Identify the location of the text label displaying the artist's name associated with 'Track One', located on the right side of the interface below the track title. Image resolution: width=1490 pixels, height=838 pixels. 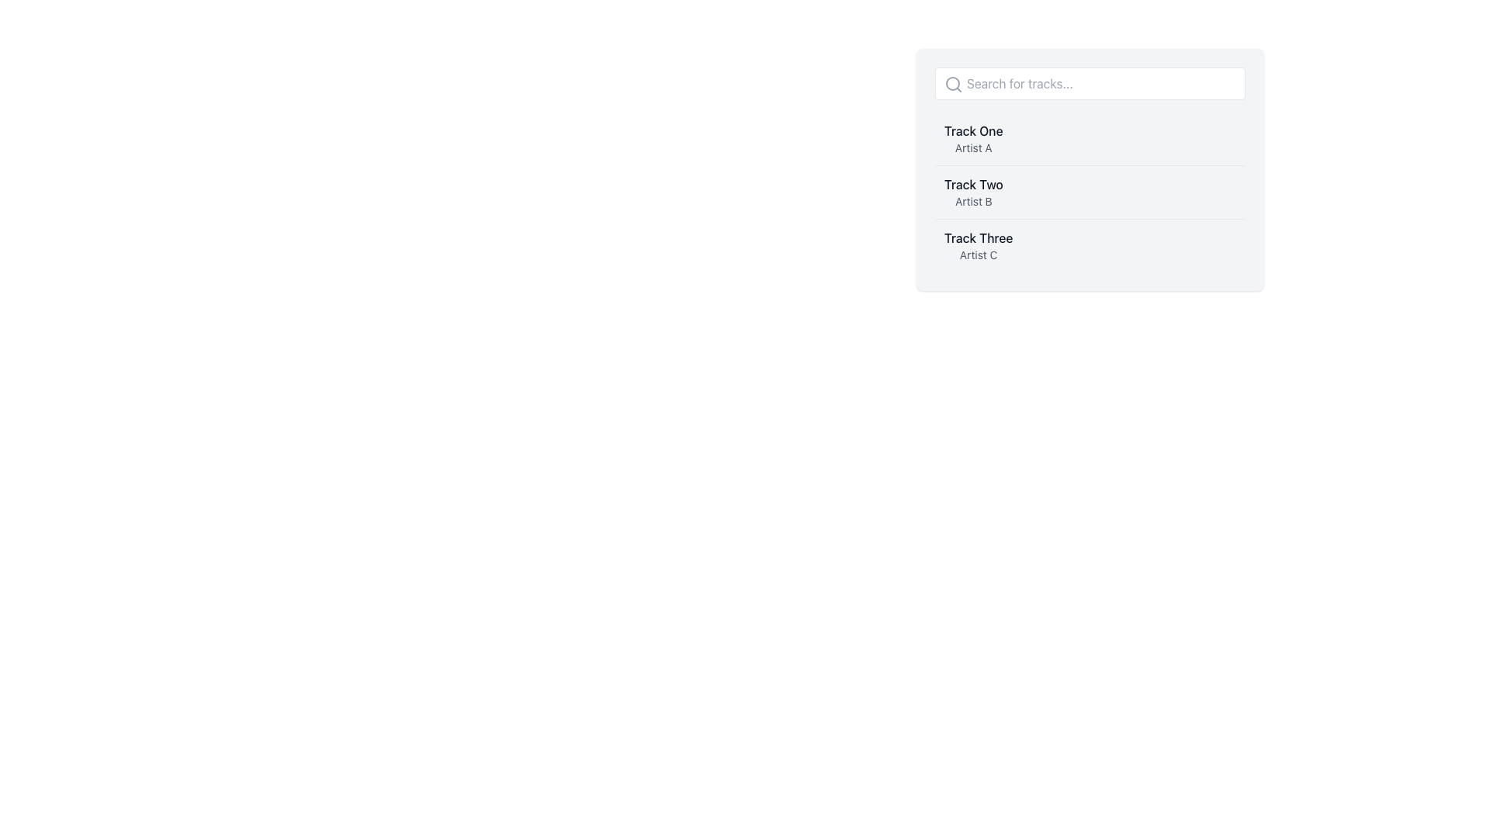
(972, 148).